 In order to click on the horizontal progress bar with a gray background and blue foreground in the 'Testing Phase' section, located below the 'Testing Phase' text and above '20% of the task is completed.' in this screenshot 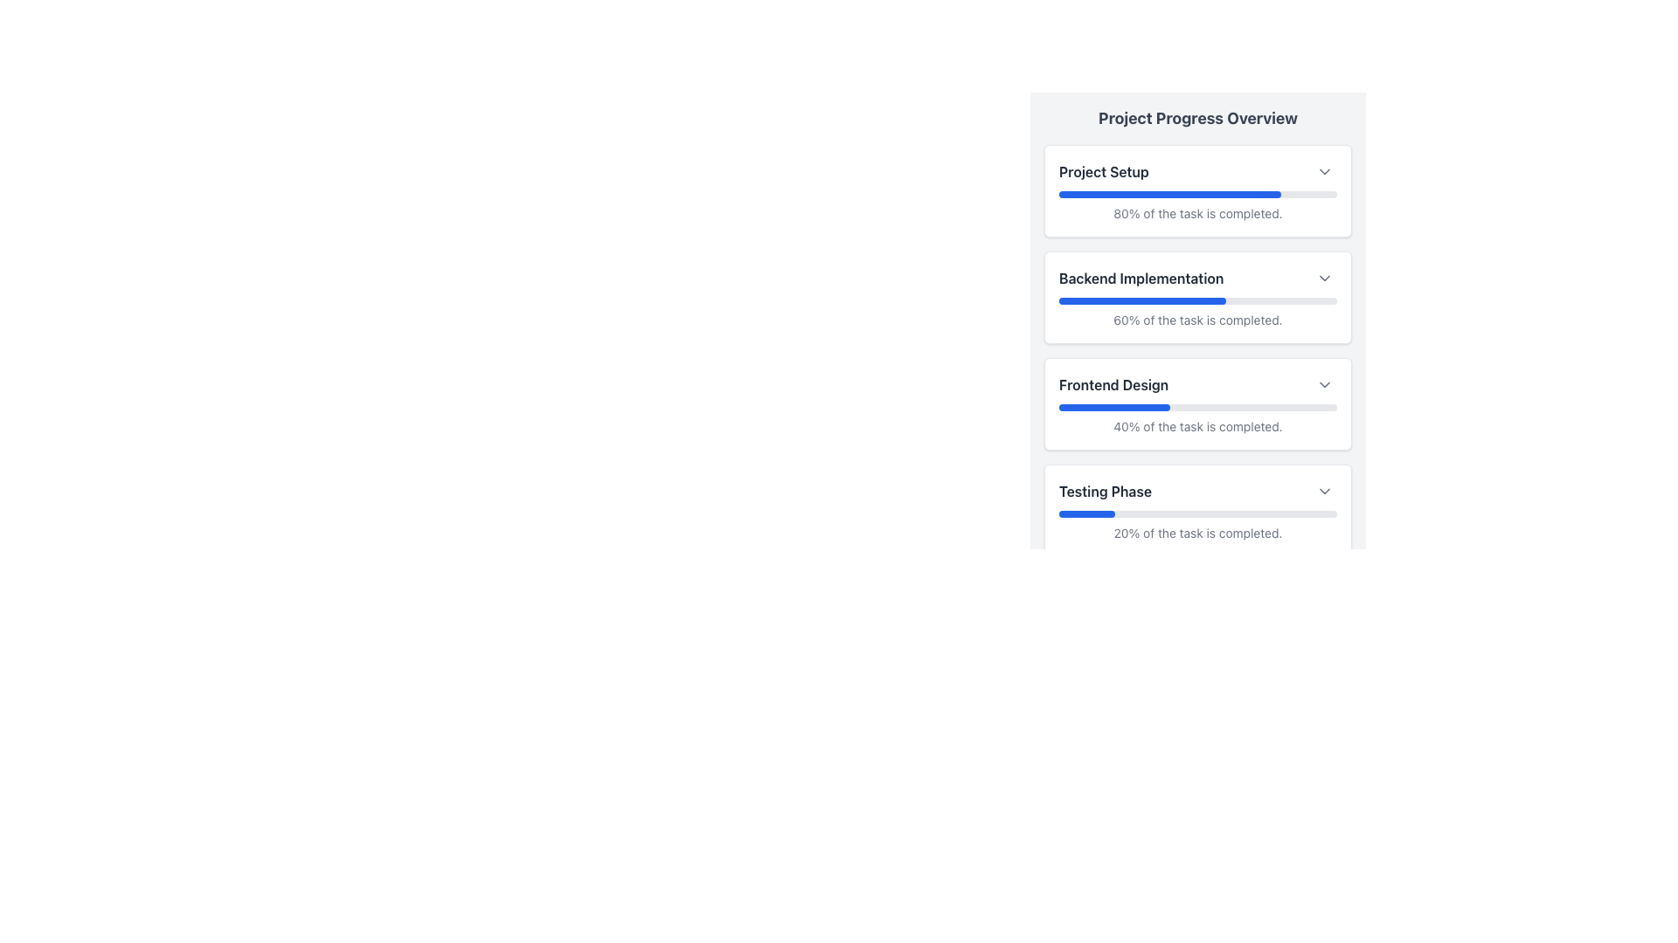, I will do `click(1197, 513)`.